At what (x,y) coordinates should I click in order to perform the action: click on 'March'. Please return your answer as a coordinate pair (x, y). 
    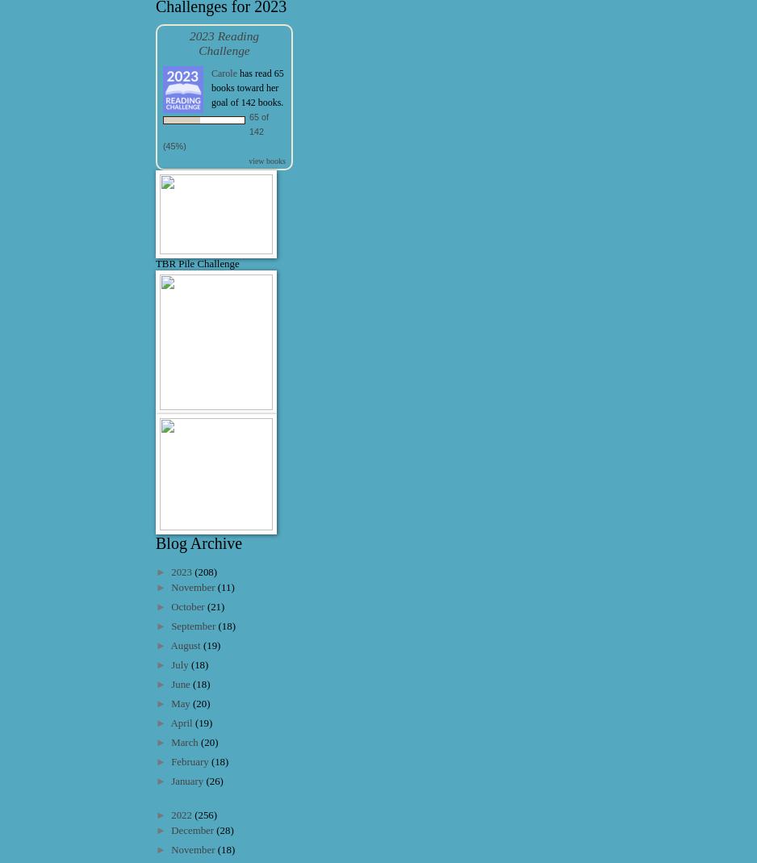
    Looking at the image, I should click on (186, 741).